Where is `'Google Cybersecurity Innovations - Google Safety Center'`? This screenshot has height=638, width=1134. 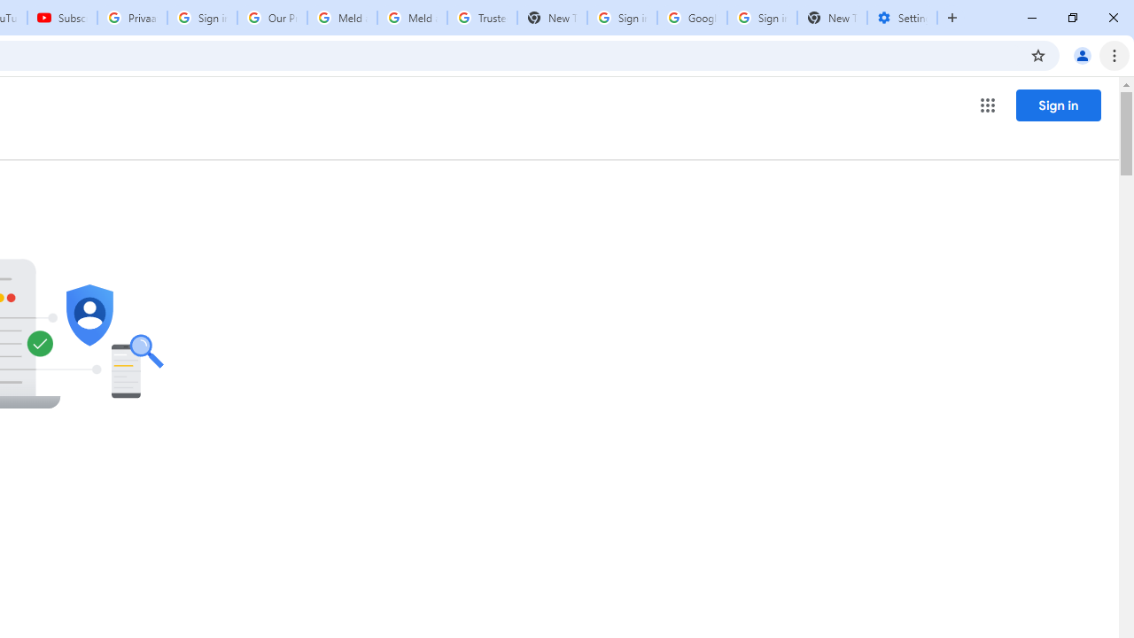 'Google Cybersecurity Innovations - Google Safety Center' is located at coordinates (691, 18).